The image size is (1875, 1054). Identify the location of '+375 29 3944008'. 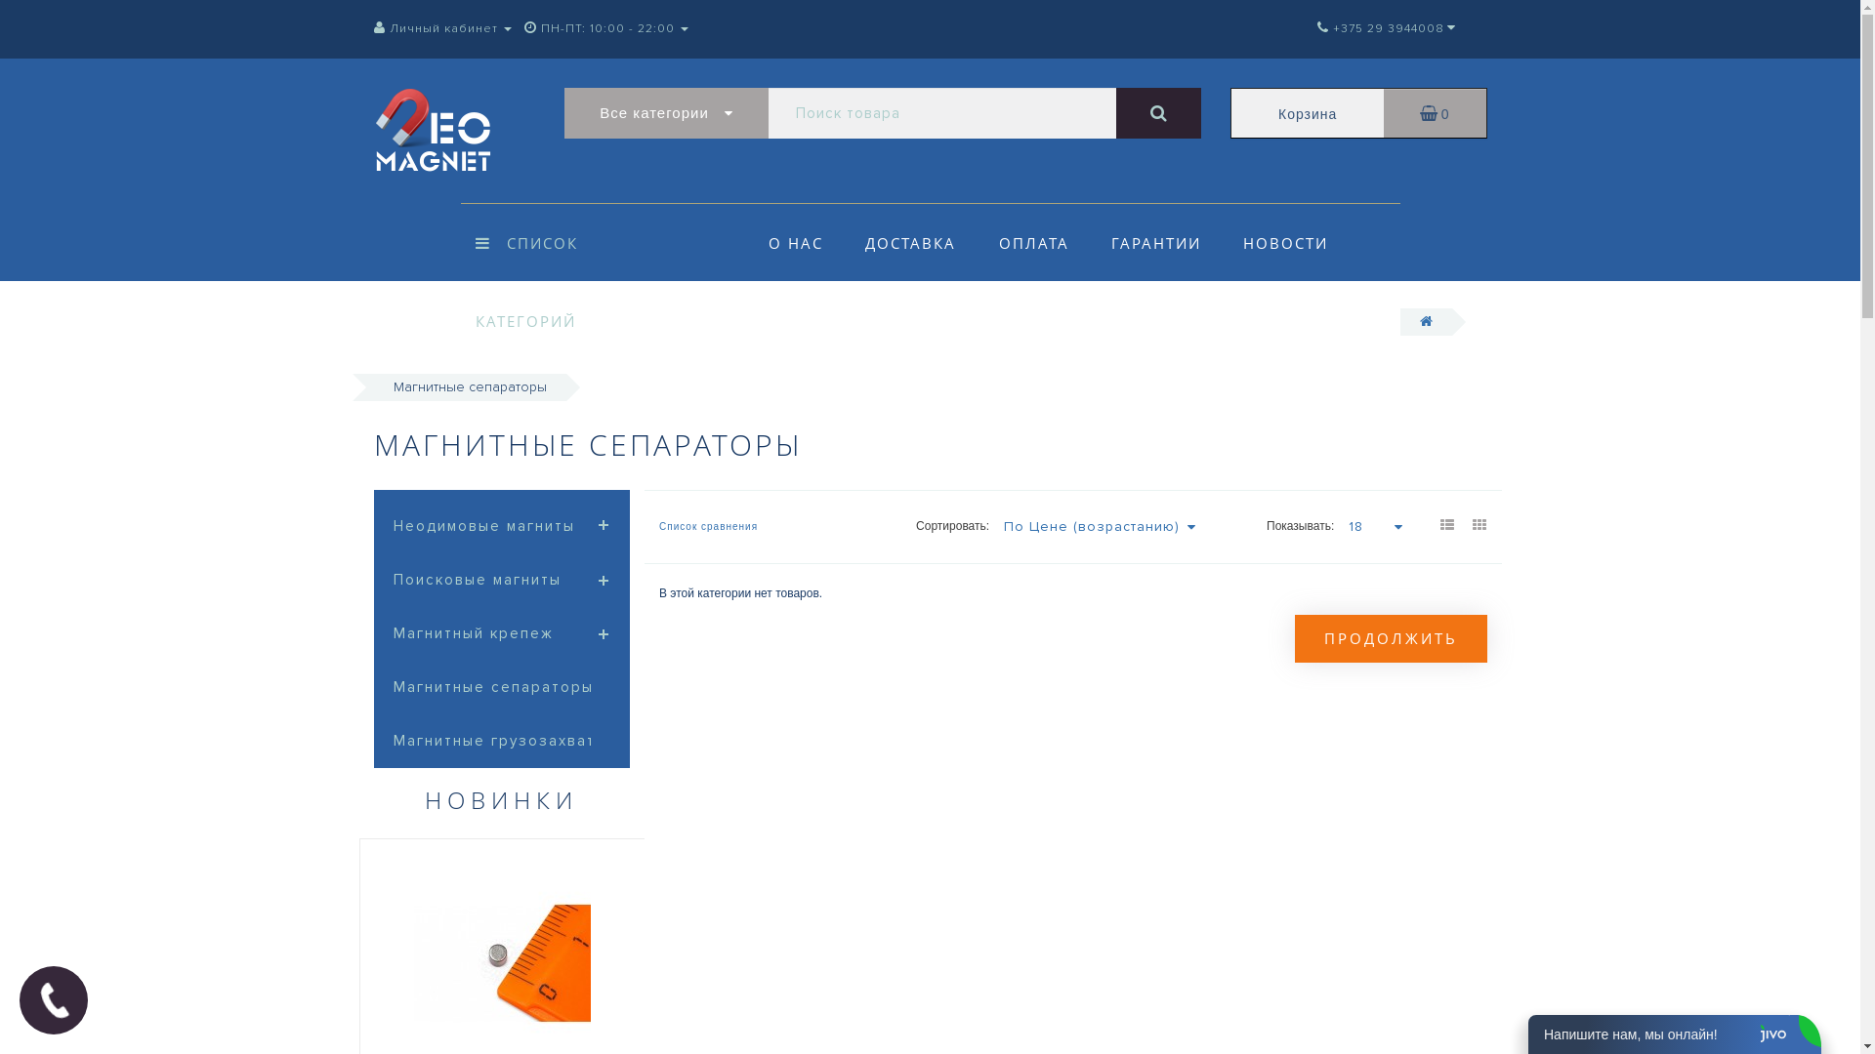
(1378, 28).